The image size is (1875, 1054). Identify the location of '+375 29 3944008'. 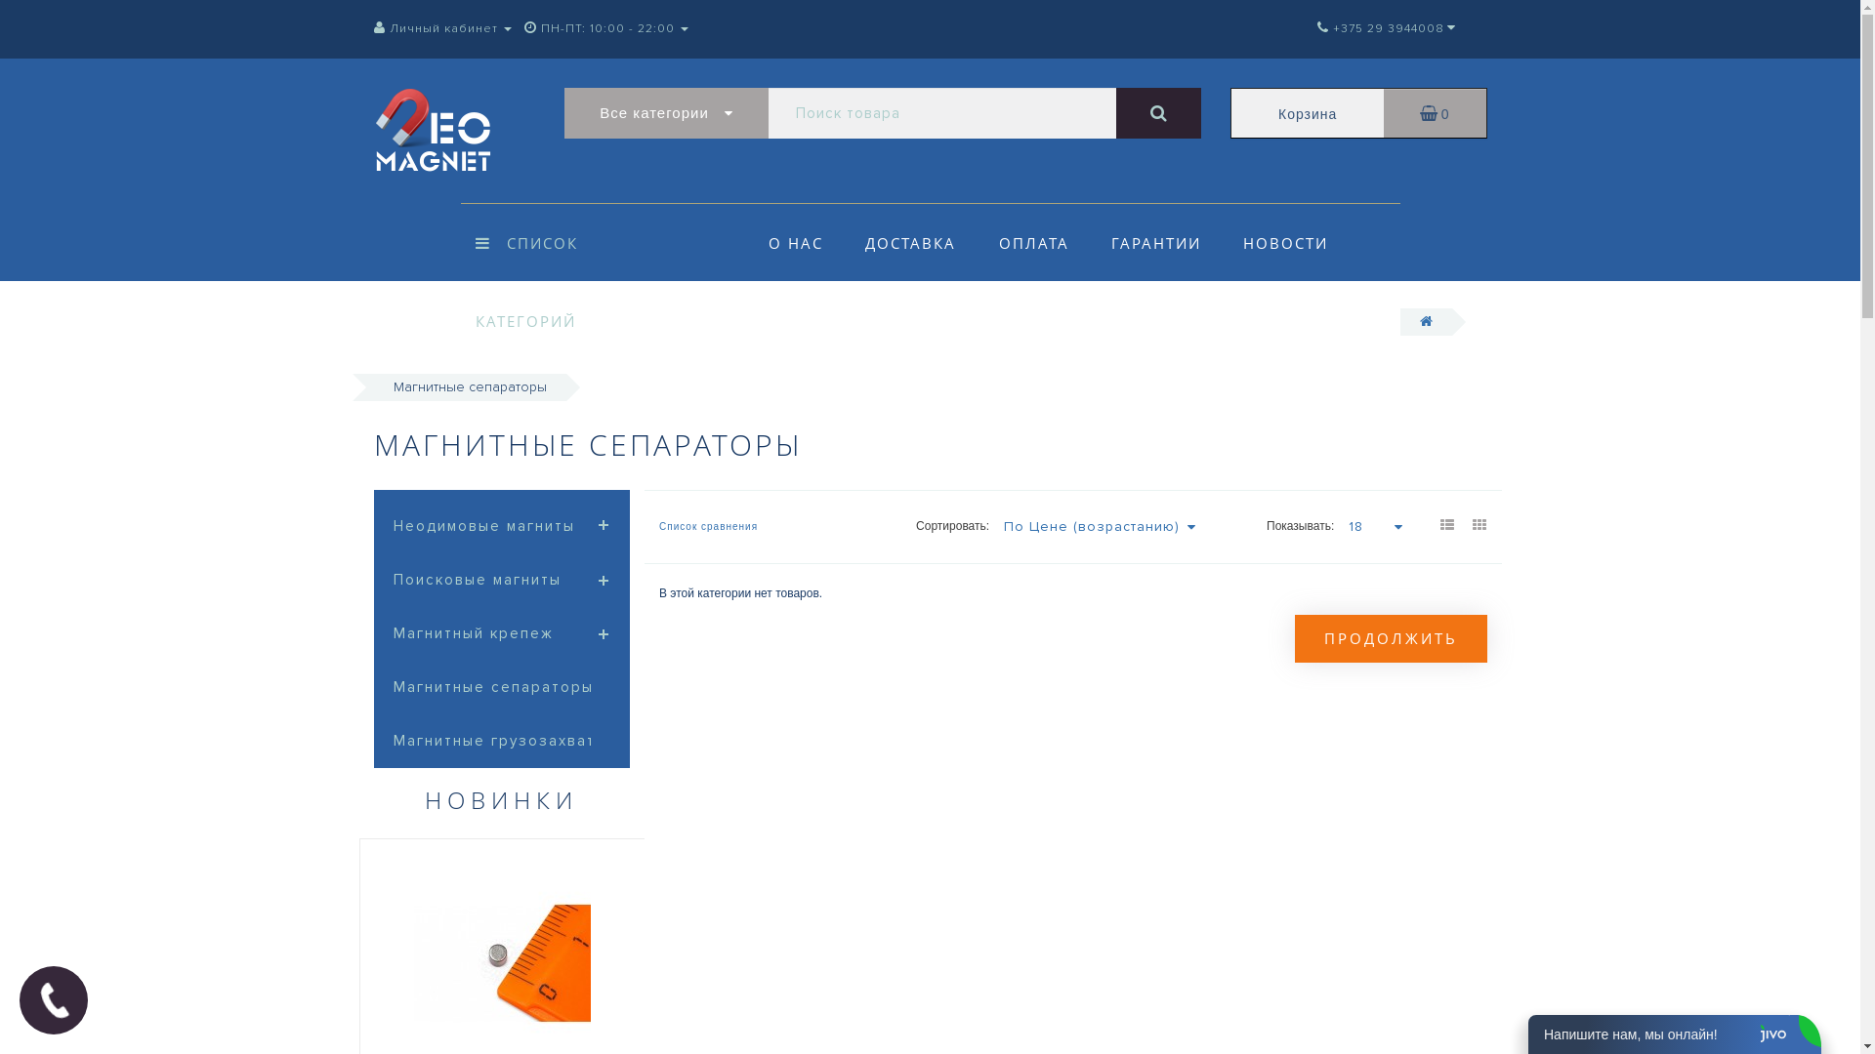
(1378, 28).